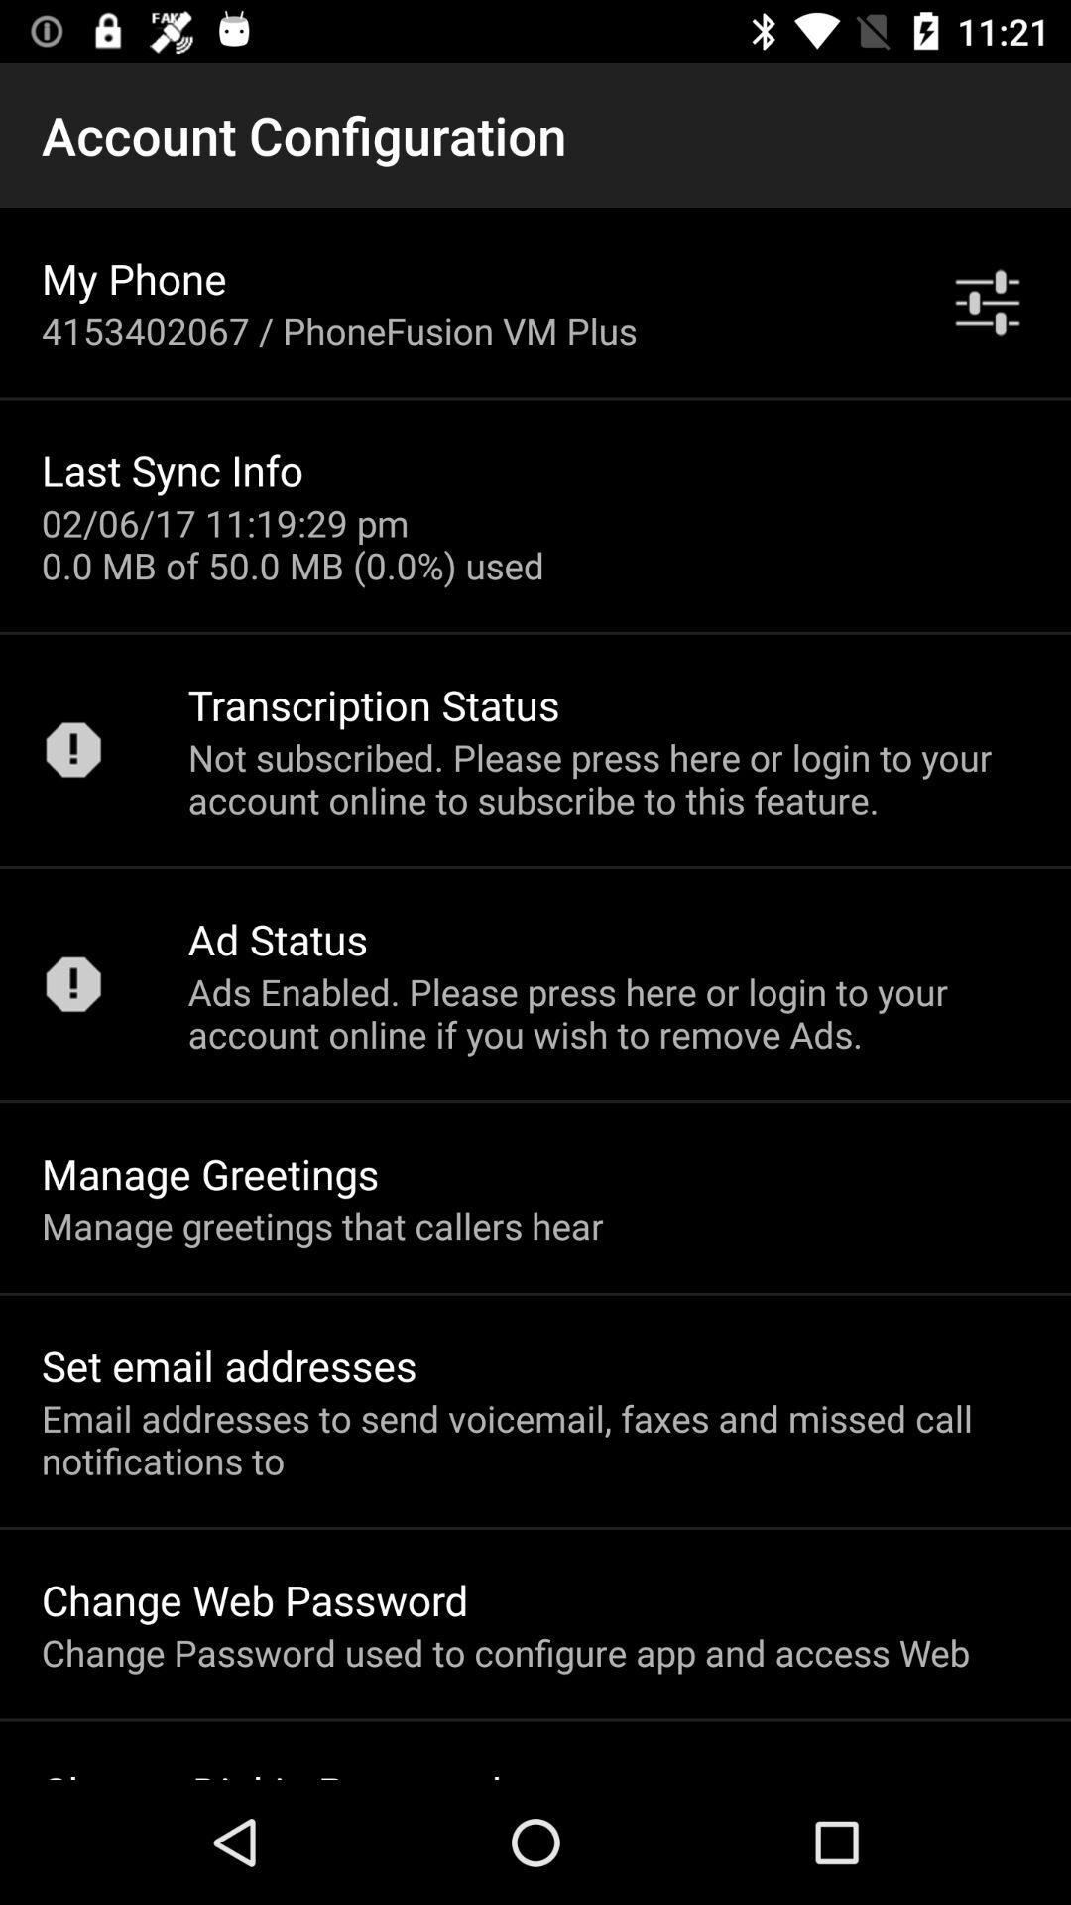 The image size is (1071, 1905). I want to click on the item to the right of the 4153402067 phonefusion vm icon, so click(987, 302).